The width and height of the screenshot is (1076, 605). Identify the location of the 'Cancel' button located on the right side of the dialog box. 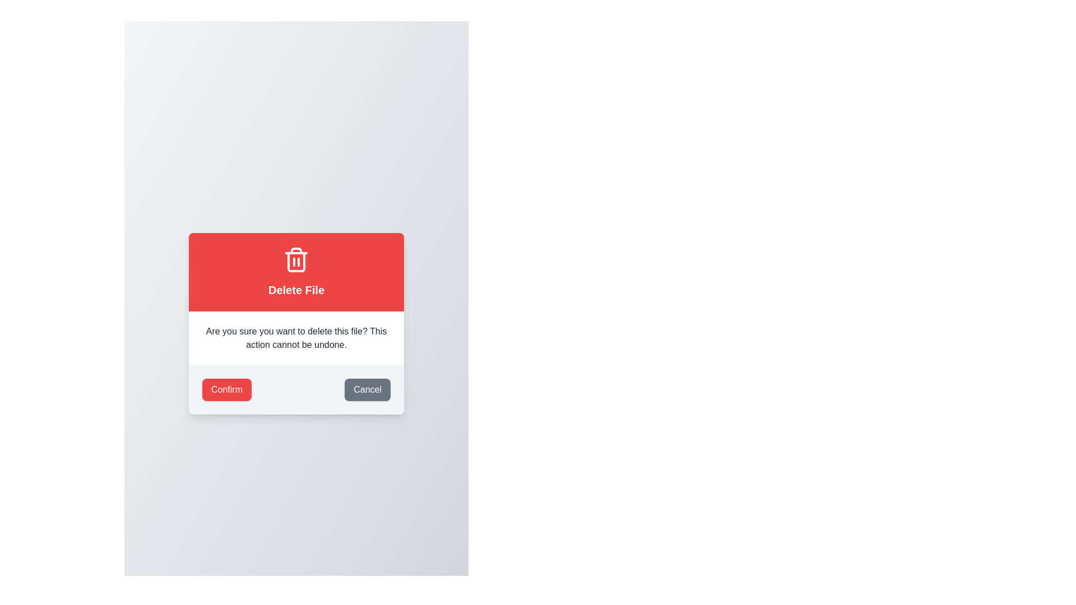
(368, 389).